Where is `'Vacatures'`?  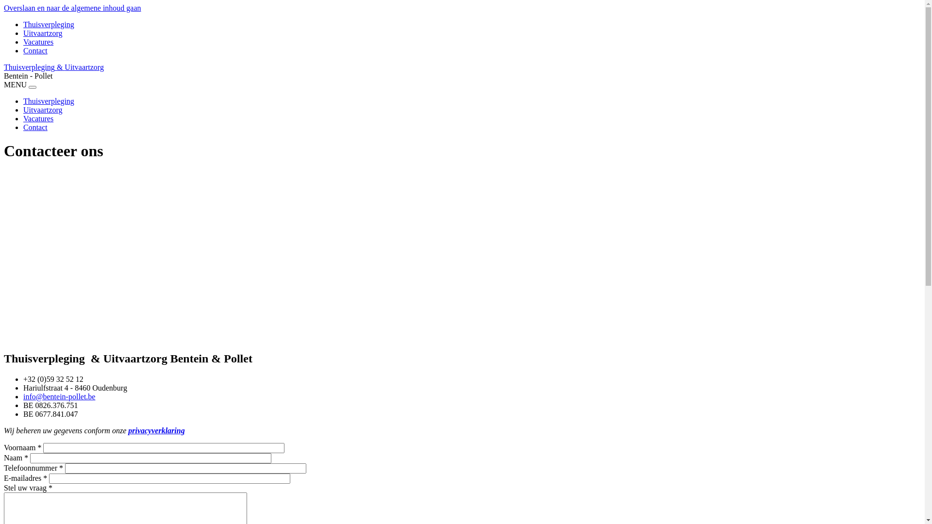
'Vacatures' is located at coordinates (38, 118).